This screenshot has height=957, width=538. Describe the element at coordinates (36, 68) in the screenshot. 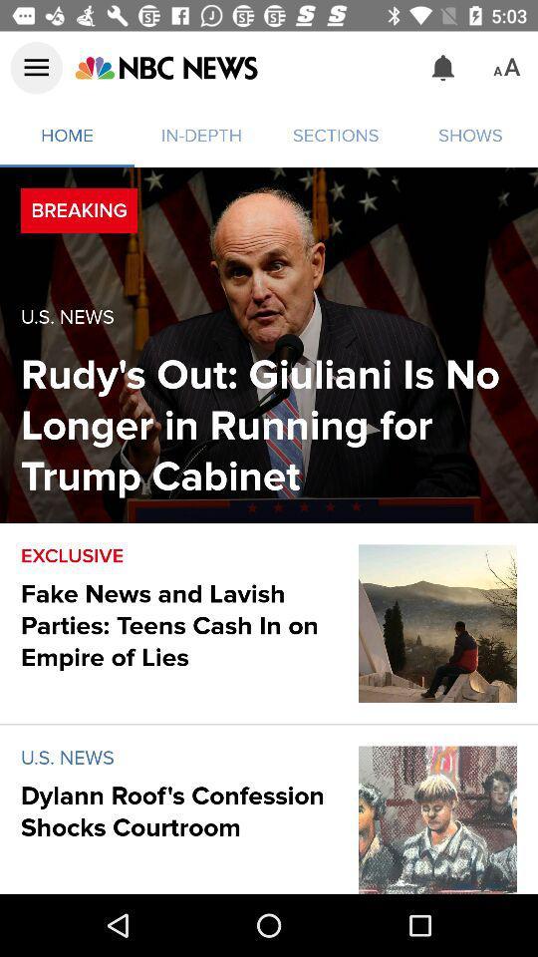

I see `the item above the home` at that location.